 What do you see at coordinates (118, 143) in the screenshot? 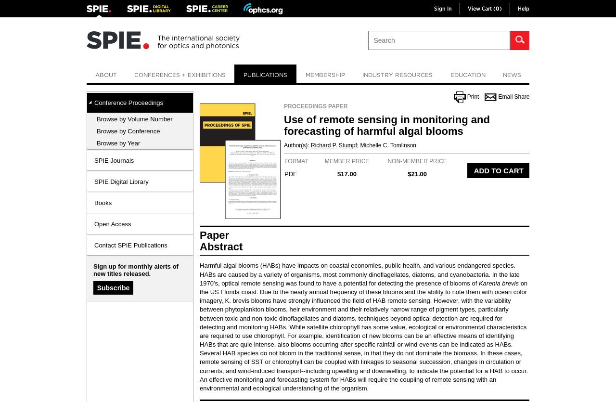
I see `'Browse by Year'` at bounding box center [118, 143].